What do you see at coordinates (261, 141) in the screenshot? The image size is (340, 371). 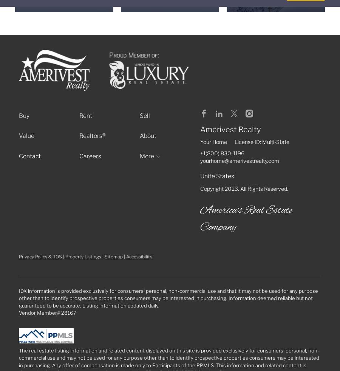 I see `'License ID:  Multi-State'` at bounding box center [261, 141].